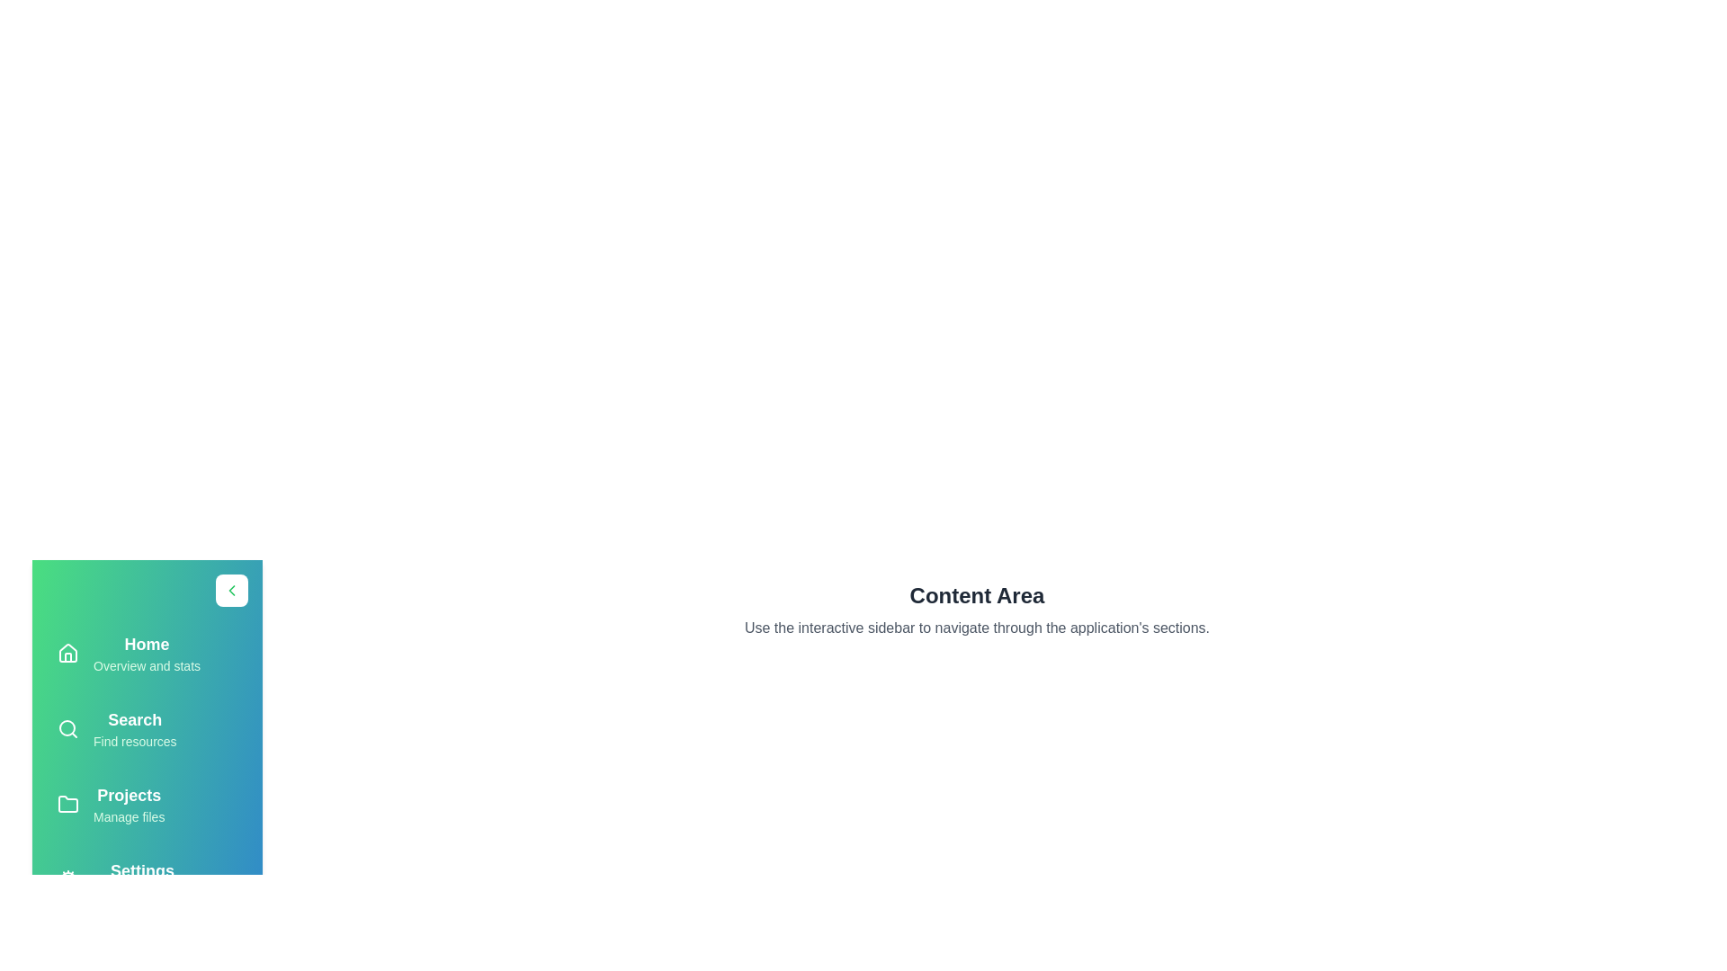  What do you see at coordinates (147, 803) in the screenshot?
I see `the menu item labeled Projects in the sidebar` at bounding box center [147, 803].